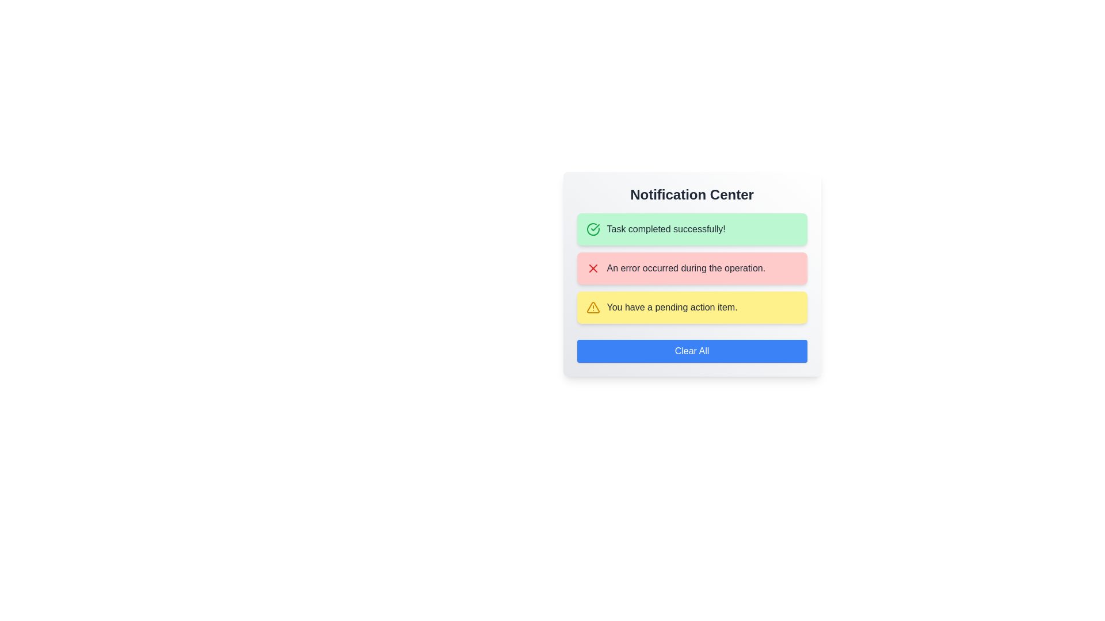 This screenshot has width=1105, height=621. I want to click on the red 'X' icon located at the left-most part of the notification card that displays the message 'An error occurred during the operation.', so click(593, 268).